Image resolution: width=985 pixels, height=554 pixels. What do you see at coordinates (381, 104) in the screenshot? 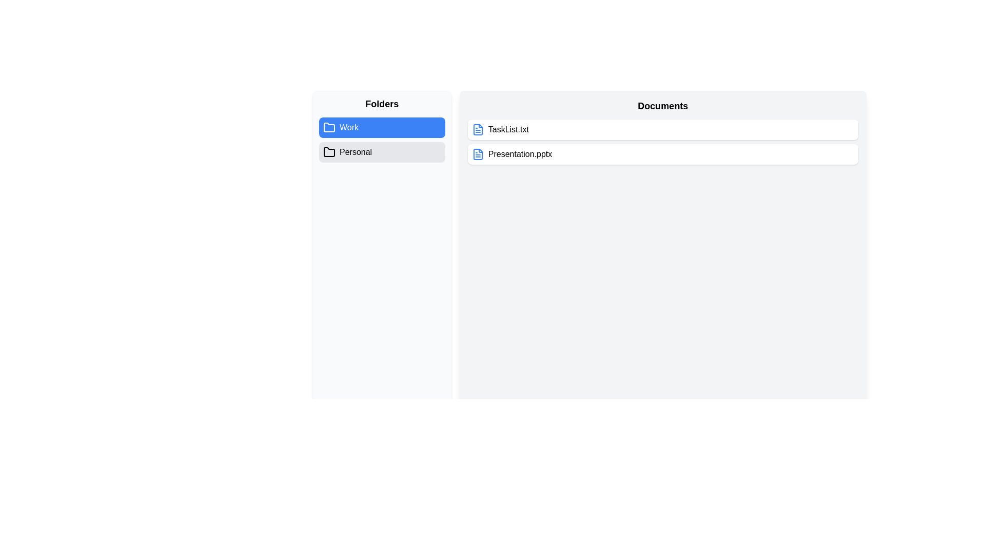
I see `the bold text label displaying 'Folders' located at the top of the sidebar section on the left side of the user interface` at bounding box center [381, 104].